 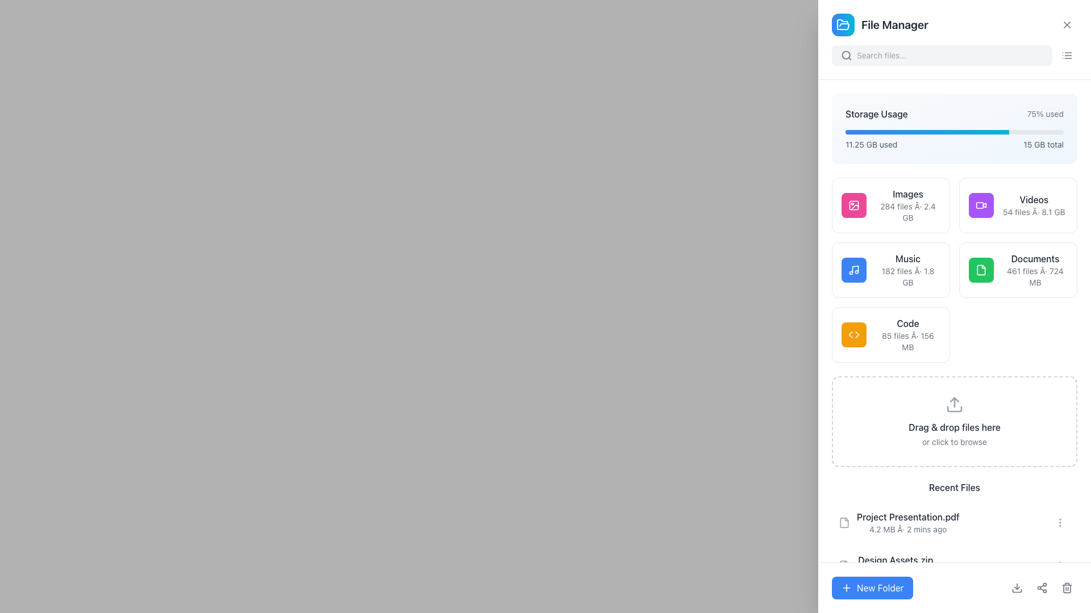 I want to click on the graphical vector-based UI component resembling a trash bin, located next to the 'New Folder' button at the bottom right corner of the interface, so click(x=1066, y=588).